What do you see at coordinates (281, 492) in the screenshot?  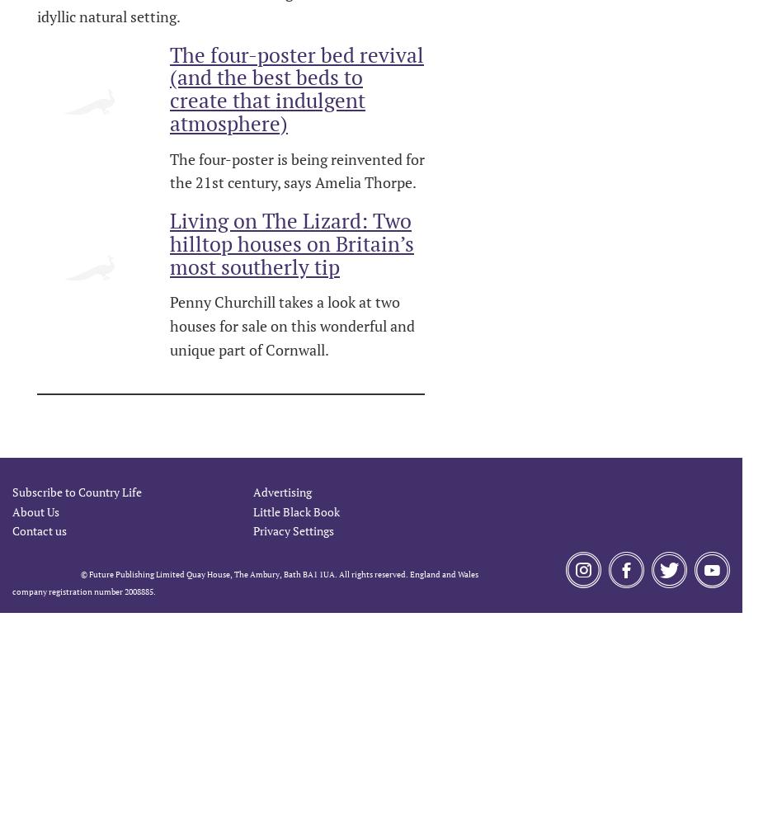 I see `'Advertising'` at bounding box center [281, 492].